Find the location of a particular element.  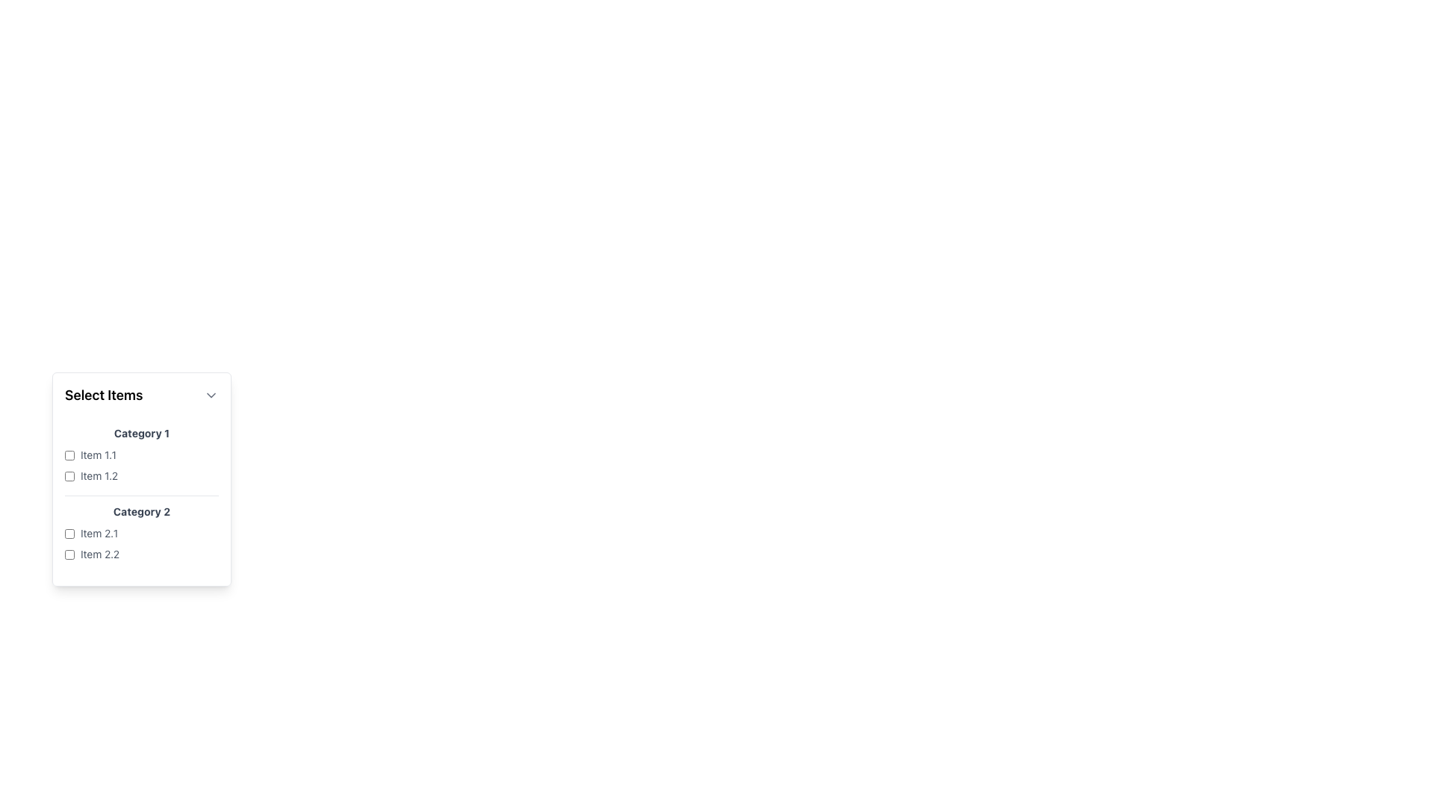

text label 'Select Items' which is positioned to the left of a downward-pointing chevron icon in a dropdown-like interface is located at coordinates (103, 394).